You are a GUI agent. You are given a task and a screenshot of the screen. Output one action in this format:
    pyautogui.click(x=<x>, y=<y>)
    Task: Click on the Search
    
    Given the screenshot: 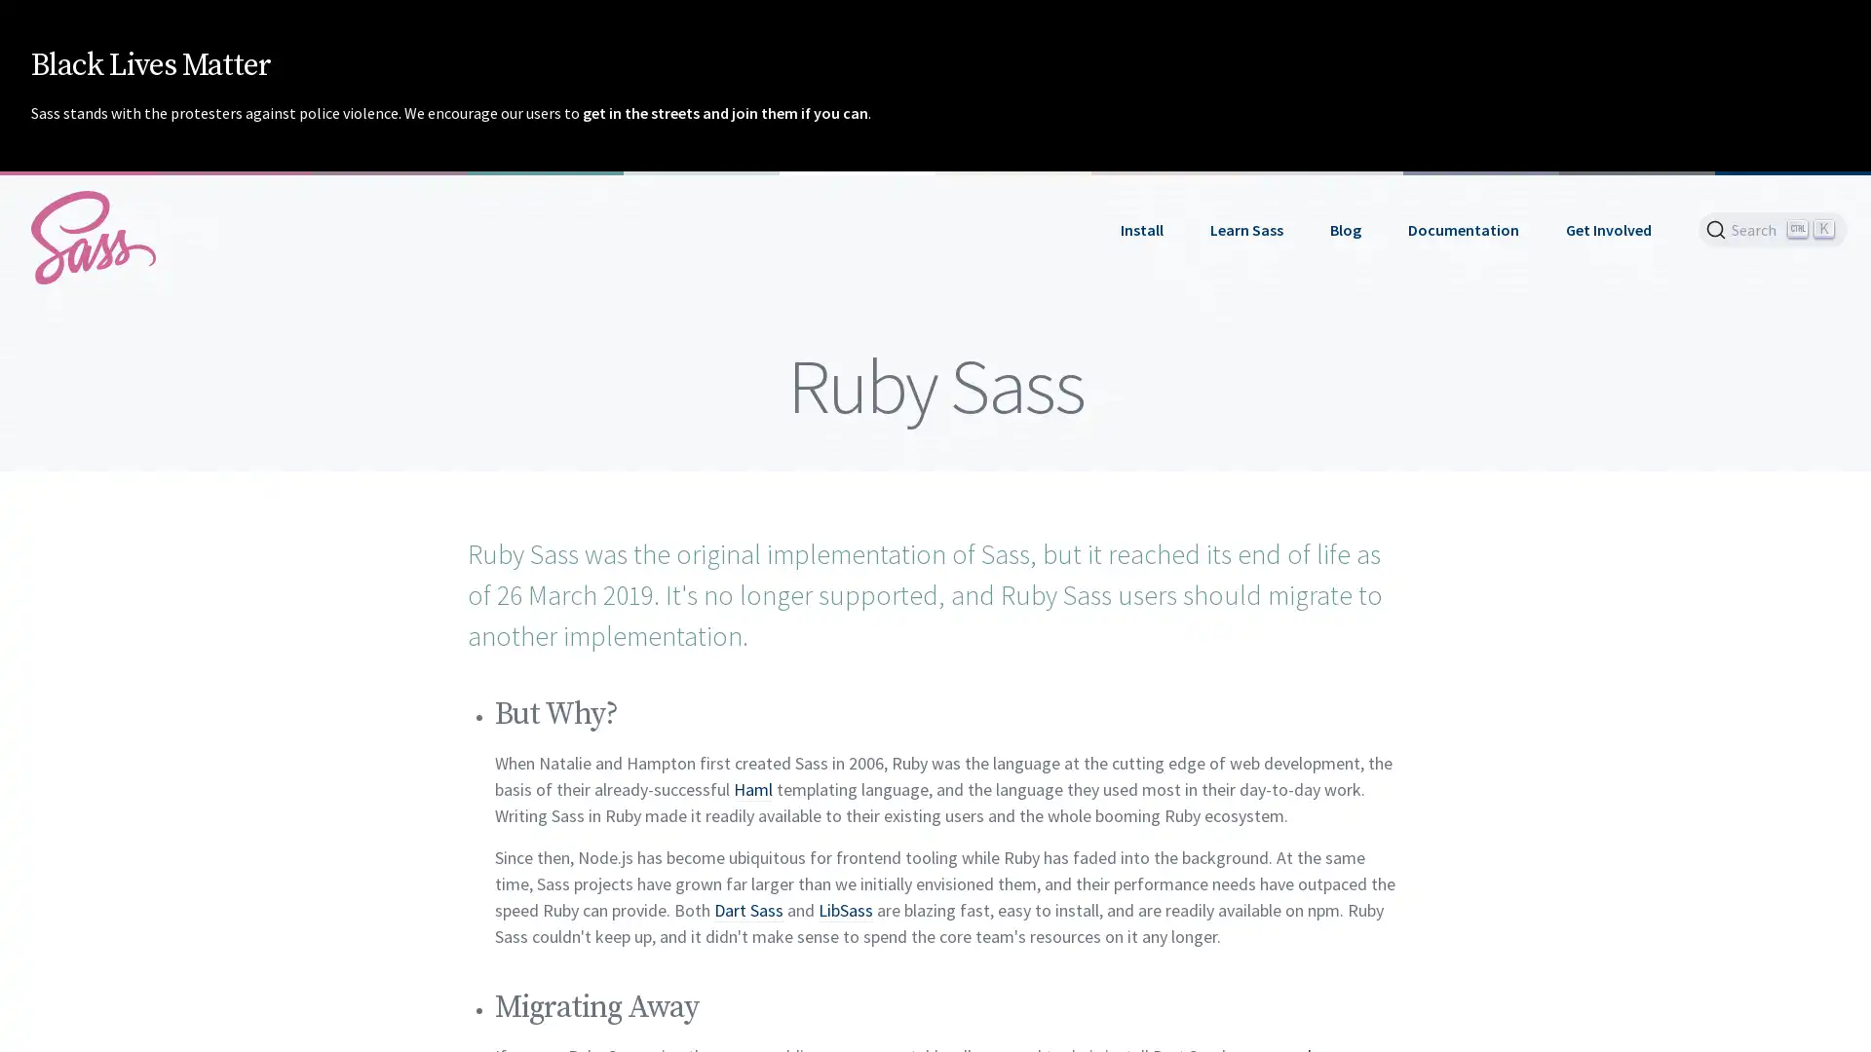 What is the action you would take?
    pyautogui.click(x=1773, y=228)
    